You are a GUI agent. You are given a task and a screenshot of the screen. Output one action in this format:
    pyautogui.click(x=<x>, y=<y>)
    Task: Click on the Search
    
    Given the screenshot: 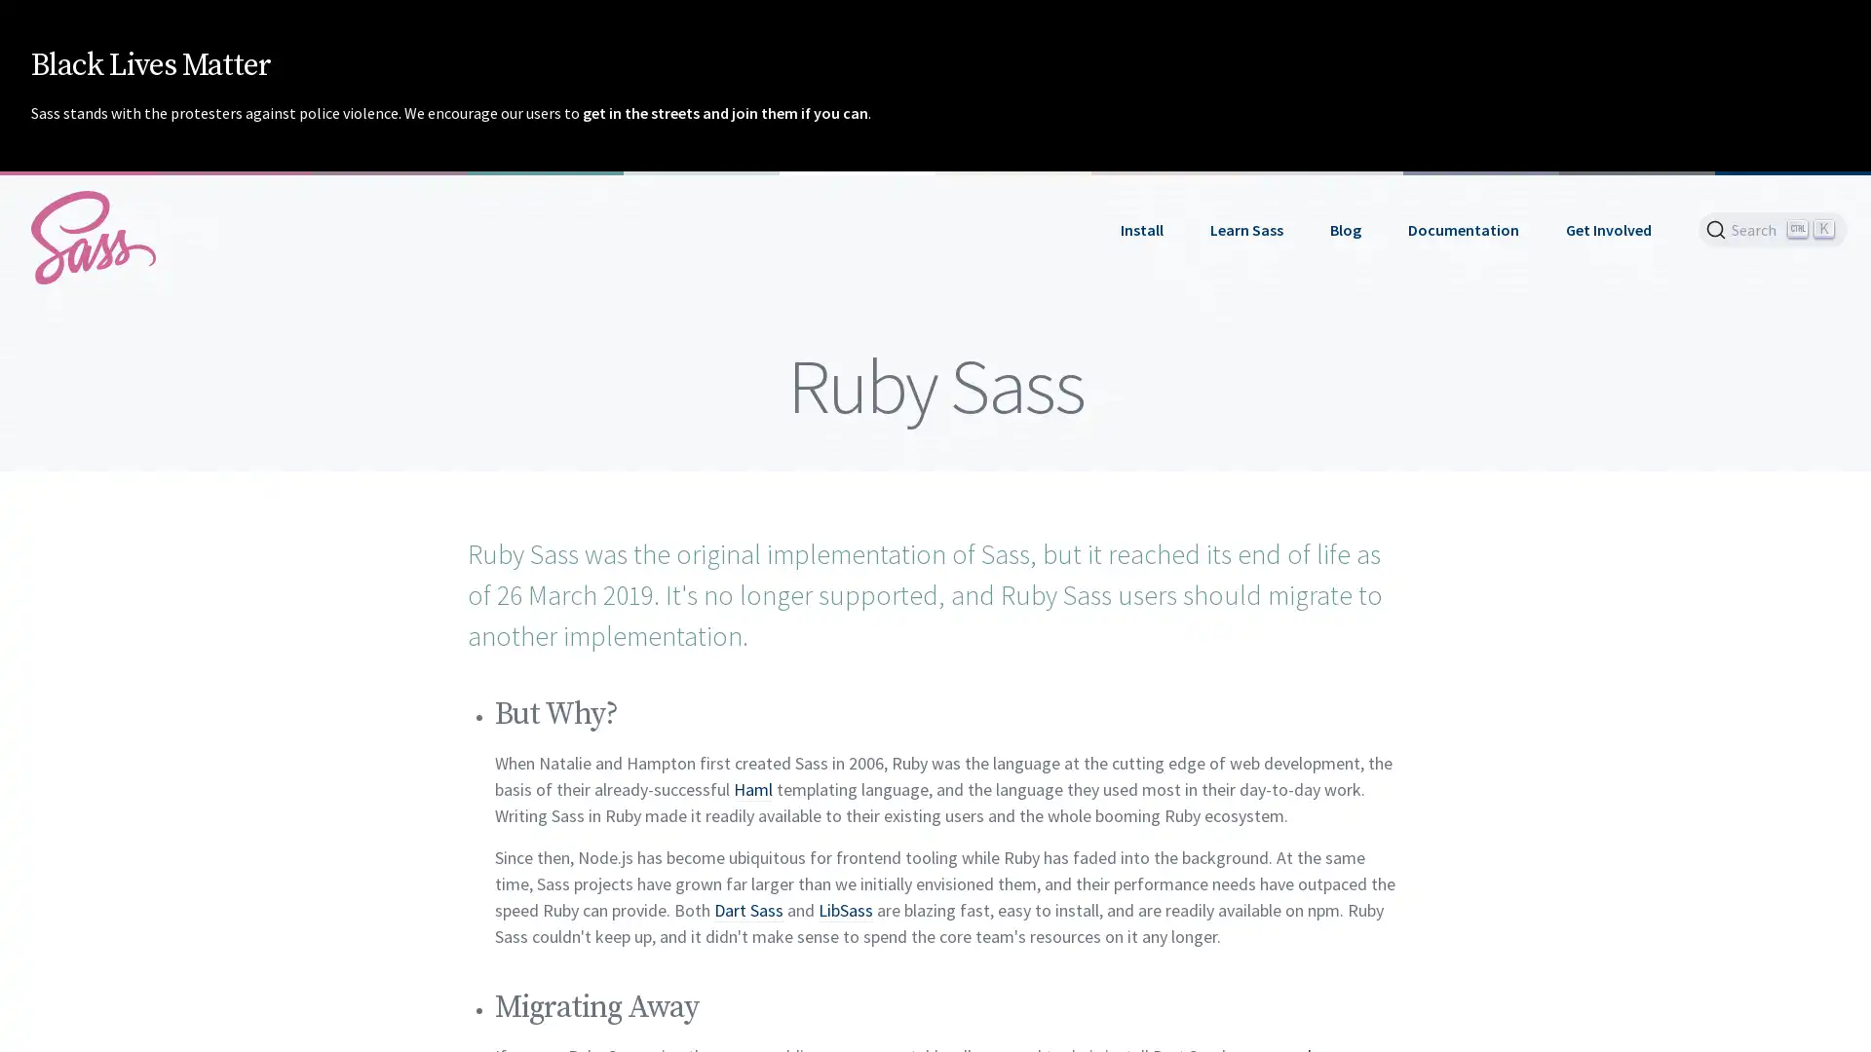 What is the action you would take?
    pyautogui.click(x=1773, y=228)
    